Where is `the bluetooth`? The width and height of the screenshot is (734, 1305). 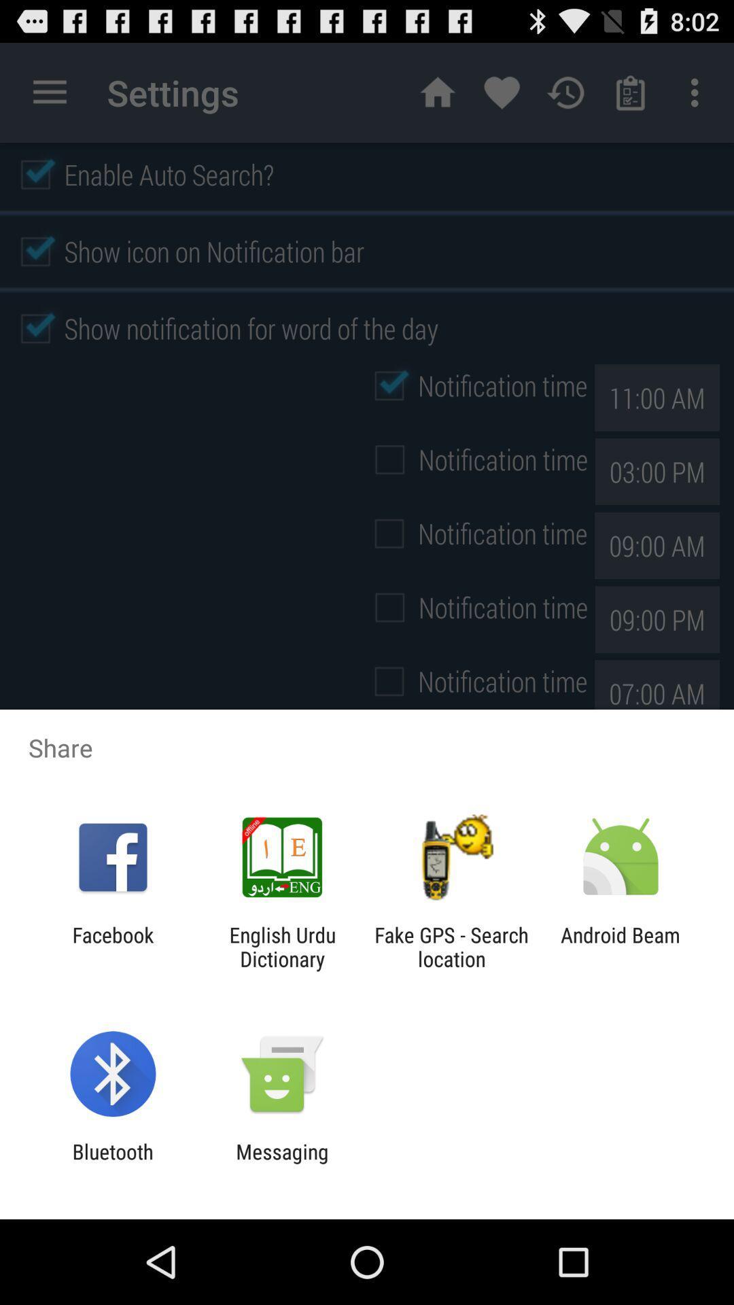 the bluetooth is located at coordinates (112, 1163).